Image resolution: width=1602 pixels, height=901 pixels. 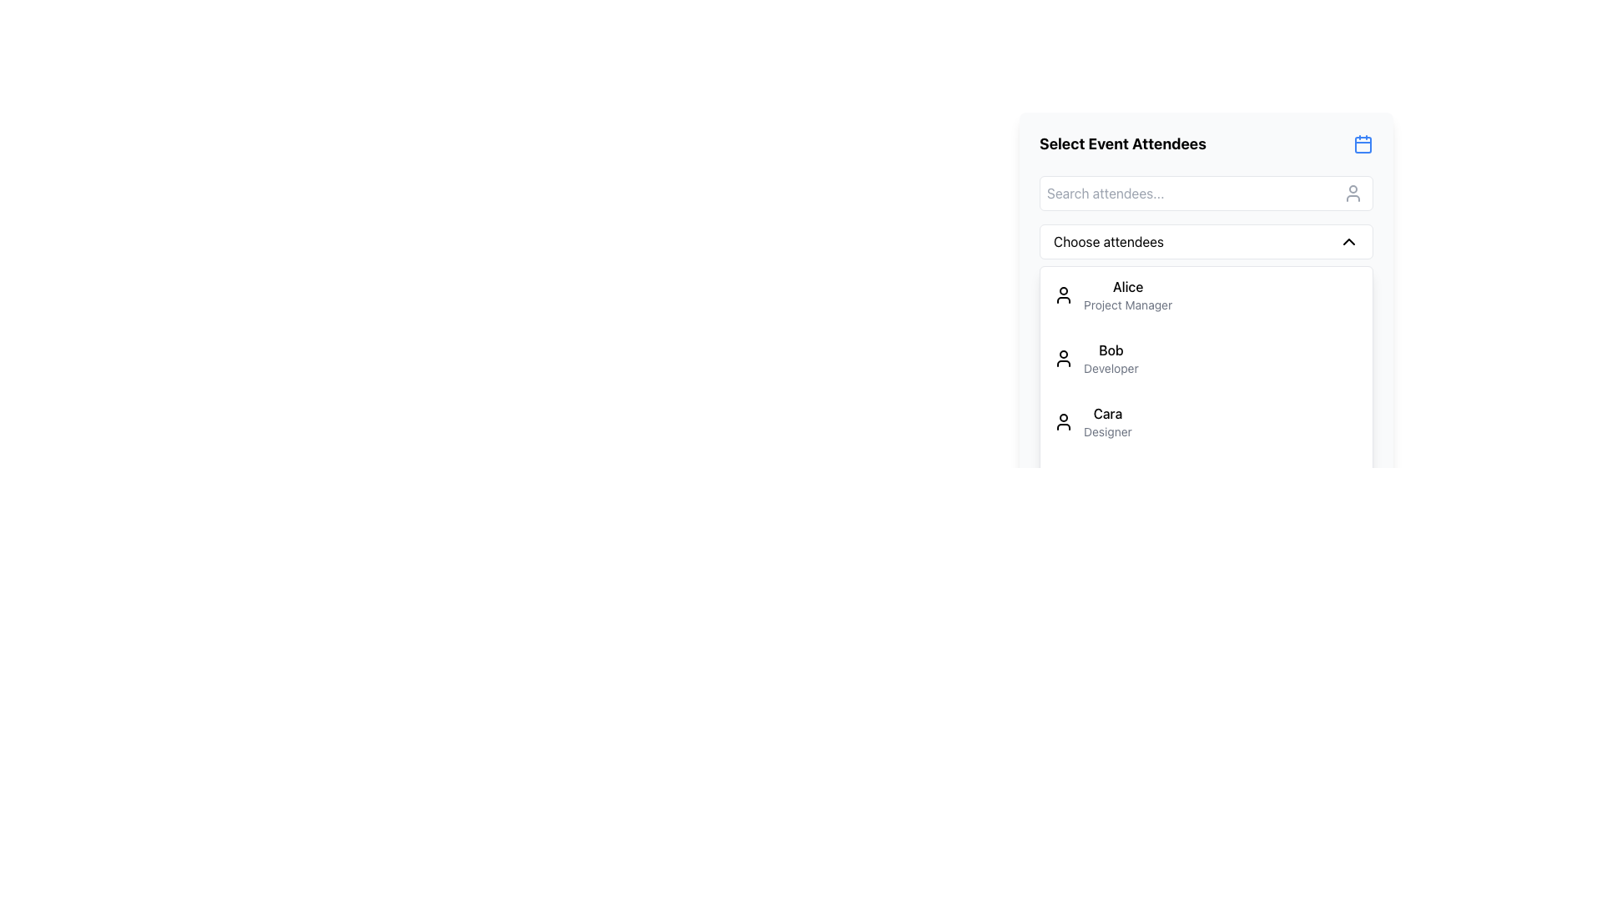 What do you see at coordinates (1206, 294) in the screenshot?
I see `the selectable list item for 'Alice', the Project Manager, located at the top of the attendee list` at bounding box center [1206, 294].